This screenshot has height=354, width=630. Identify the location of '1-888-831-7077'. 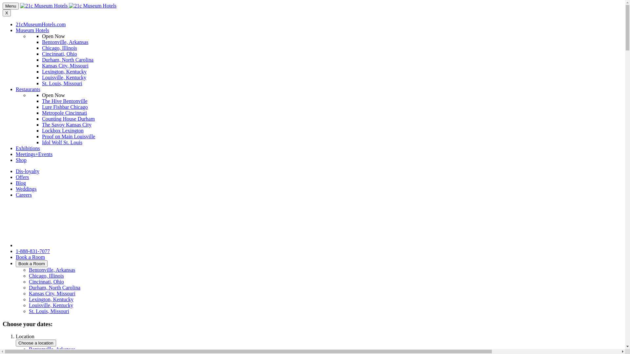
(32, 251).